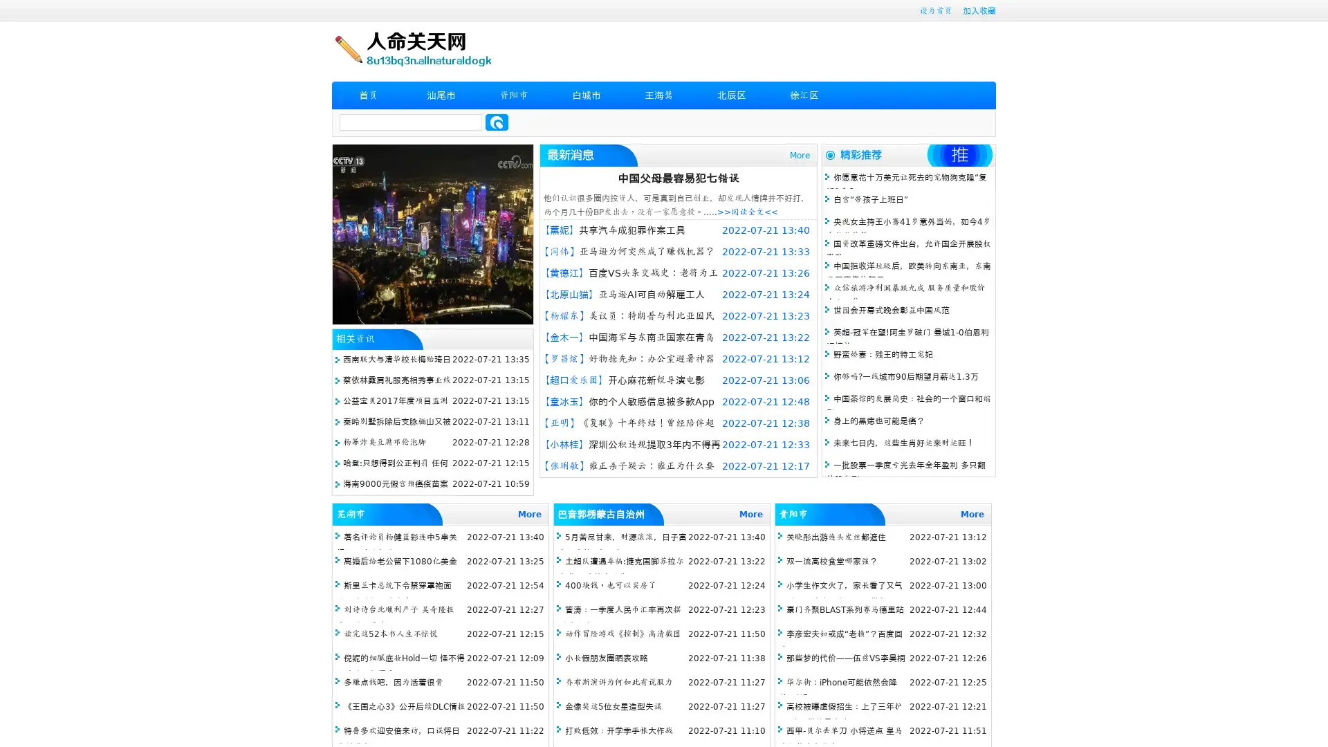 This screenshot has height=747, width=1328. What do you see at coordinates (497, 122) in the screenshot?
I see `Search` at bounding box center [497, 122].